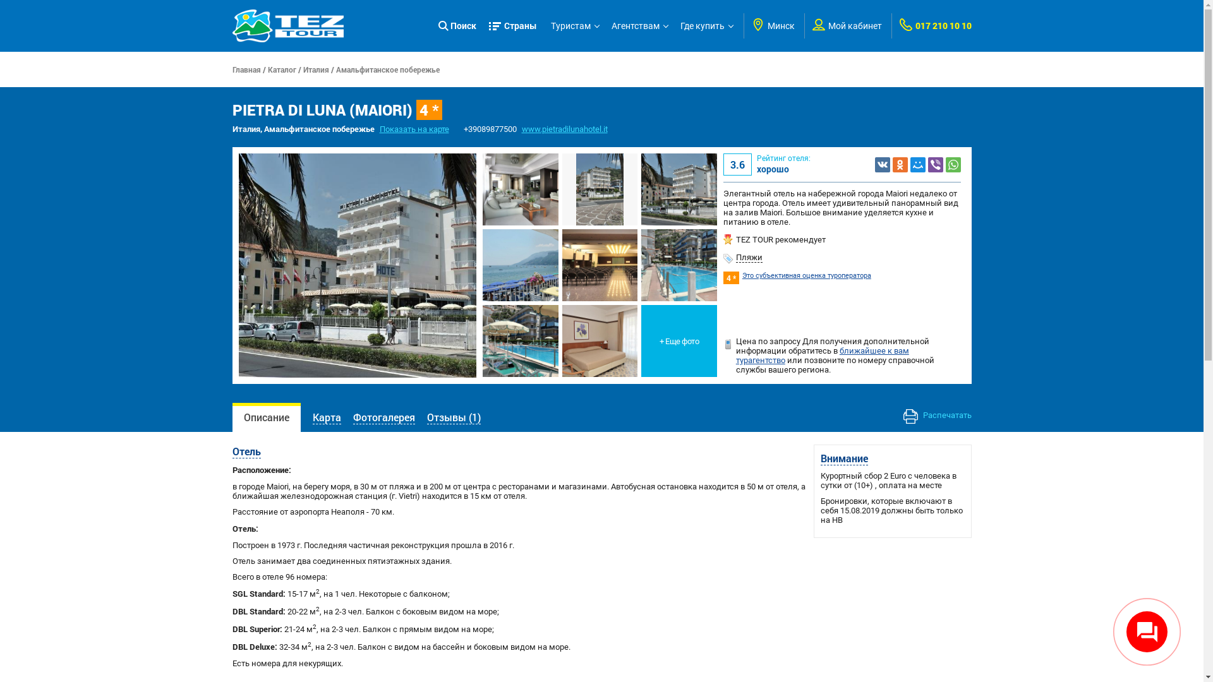 Image resolution: width=1213 pixels, height=682 pixels. Describe the element at coordinates (936, 163) in the screenshot. I see `'Viber'` at that location.